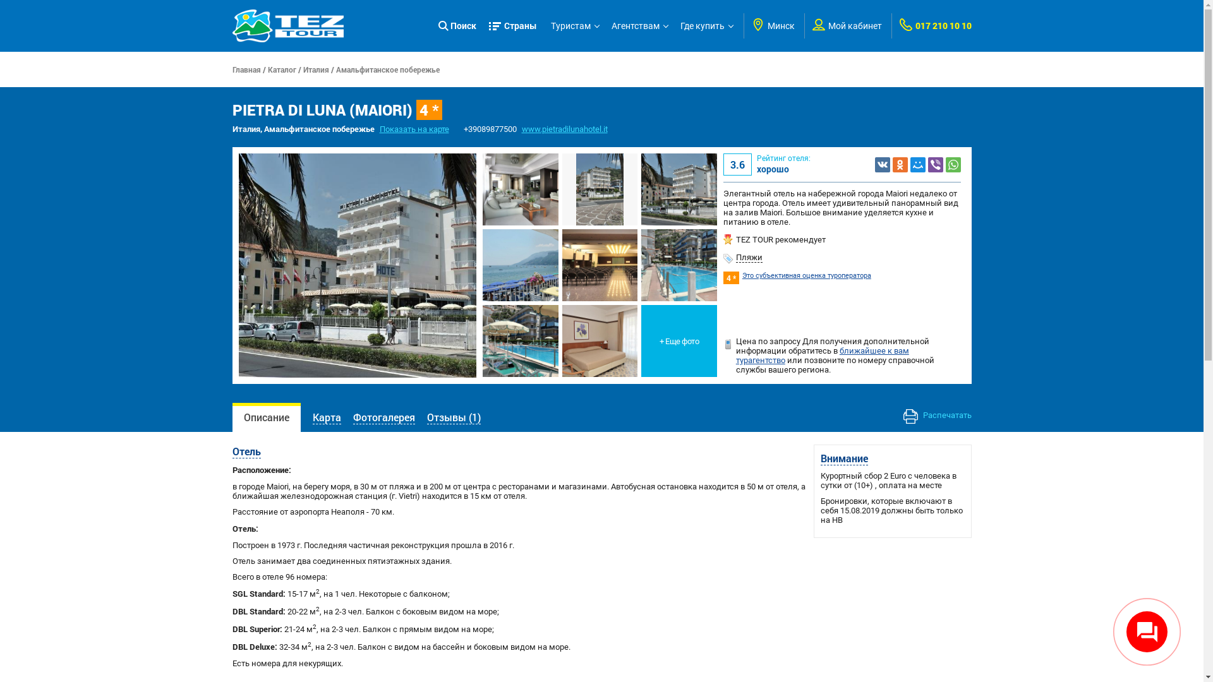 Image resolution: width=1213 pixels, height=682 pixels. Describe the element at coordinates (936, 163) in the screenshot. I see `'Viber'` at that location.